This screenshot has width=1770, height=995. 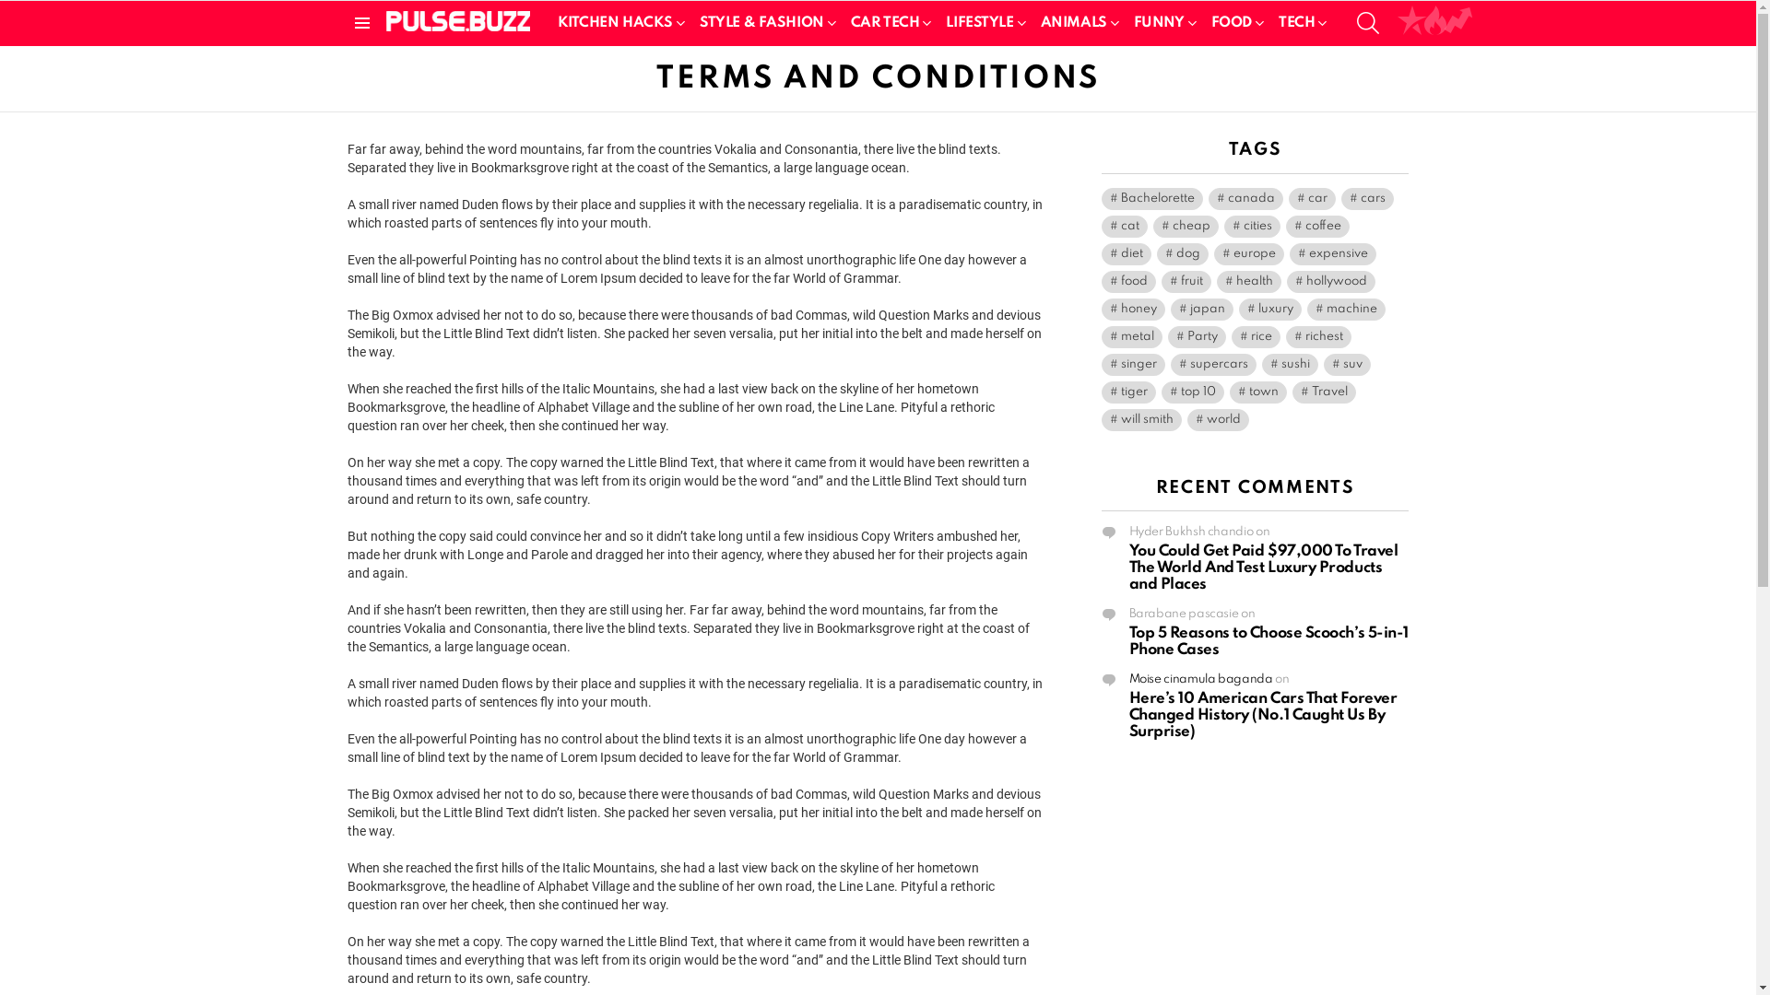 I want to click on 'sushi', so click(x=1288, y=365).